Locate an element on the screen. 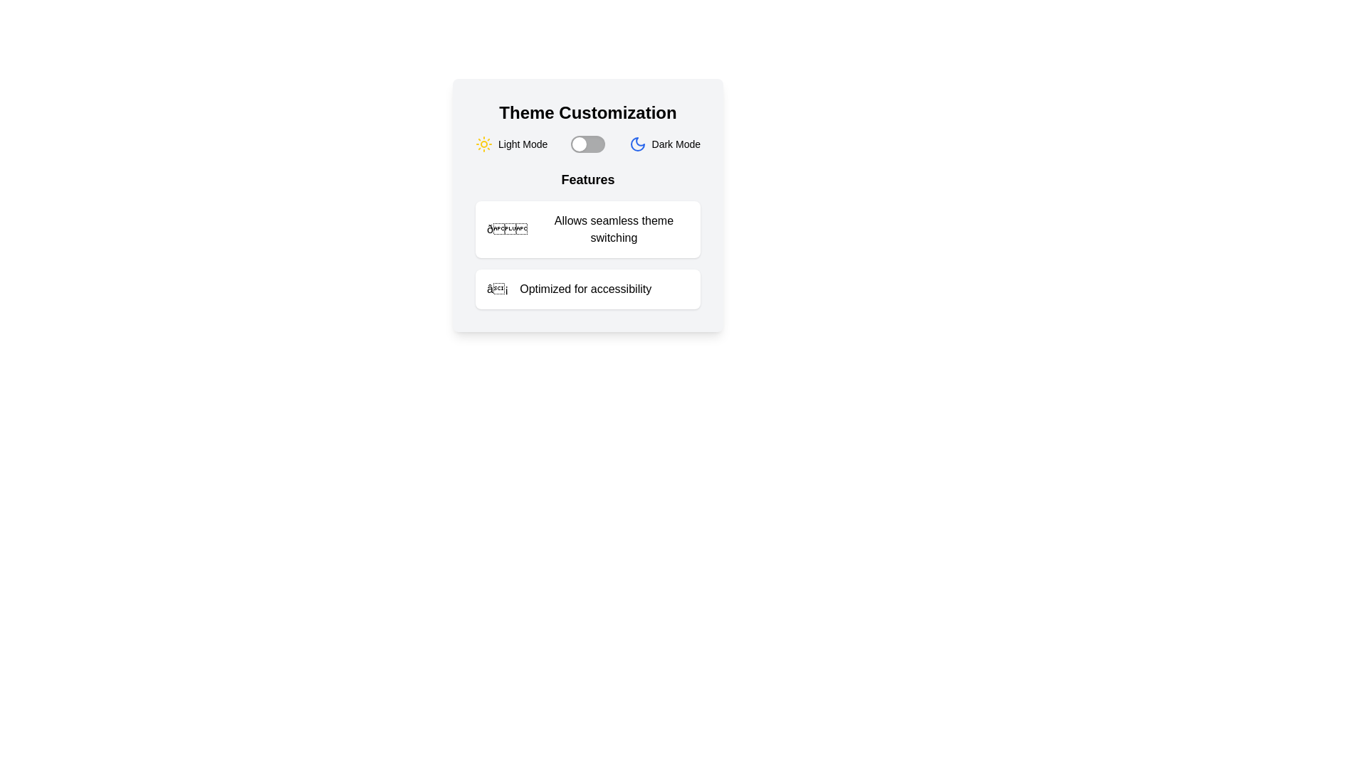 The image size is (1367, 768). the text label for the dark mode option, which is located to the right of the toggle switch within the 'Theme Customization' section is located at coordinates (675, 144).